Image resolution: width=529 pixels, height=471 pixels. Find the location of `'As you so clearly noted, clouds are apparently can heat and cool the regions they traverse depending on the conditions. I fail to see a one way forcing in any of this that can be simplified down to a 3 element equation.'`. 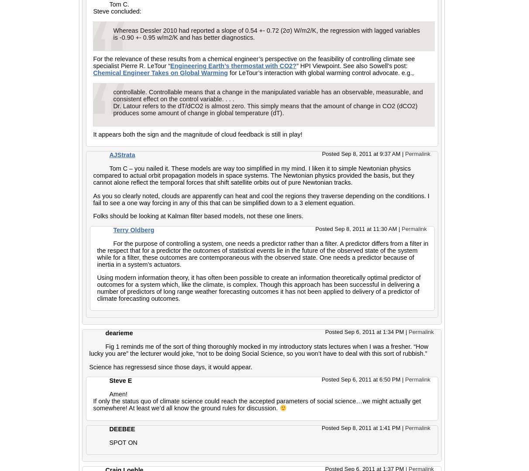

'As you so clearly noted, clouds are apparently can heat and cool the regions they traverse depending on the conditions. I fail to see a one way forcing in any of this that can be simplified down to a 3 element equation.' is located at coordinates (92, 199).